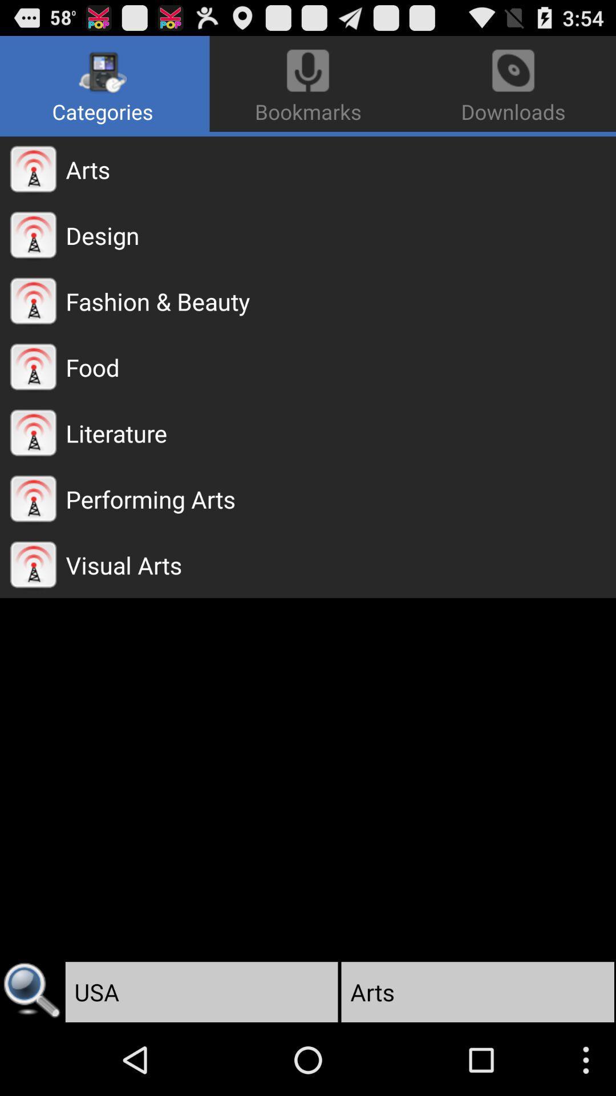  I want to click on literature app, so click(340, 432).